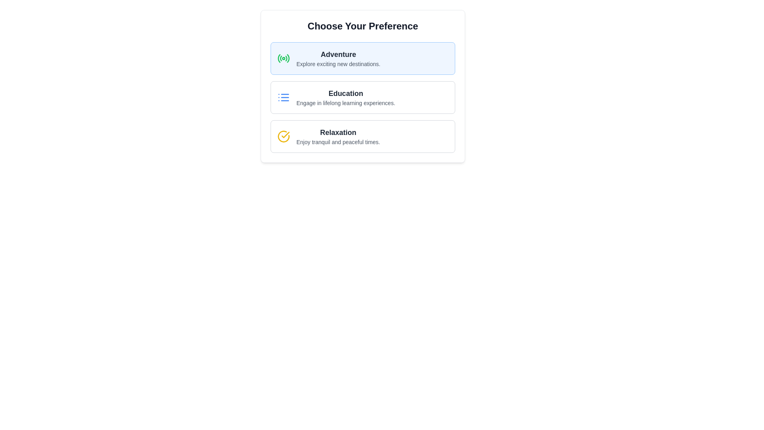  What do you see at coordinates (338, 132) in the screenshot?
I see `the text label indicating a category related to relaxation, which is centrally positioned in the bottom card of the three stacked option cards` at bounding box center [338, 132].